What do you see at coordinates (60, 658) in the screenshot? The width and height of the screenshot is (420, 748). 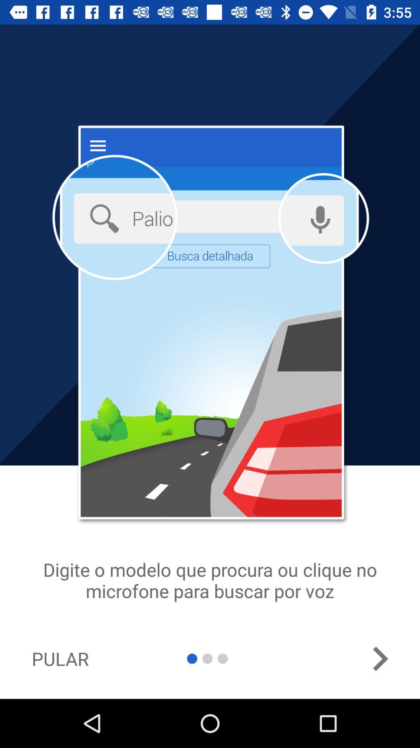 I see `pular` at bounding box center [60, 658].